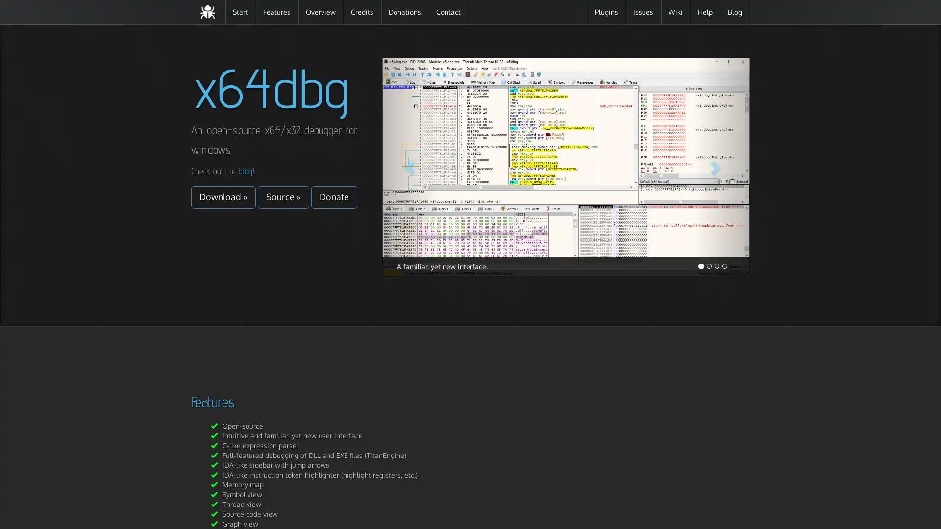  What do you see at coordinates (283, 197) in the screenshot?
I see `Source` at bounding box center [283, 197].